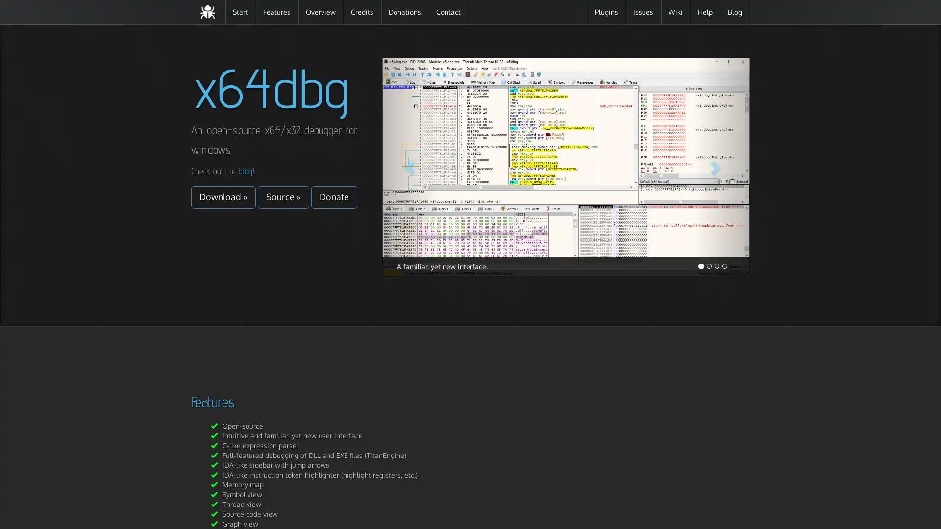  What do you see at coordinates (283, 197) in the screenshot?
I see `Source` at bounding box center [283, 197].